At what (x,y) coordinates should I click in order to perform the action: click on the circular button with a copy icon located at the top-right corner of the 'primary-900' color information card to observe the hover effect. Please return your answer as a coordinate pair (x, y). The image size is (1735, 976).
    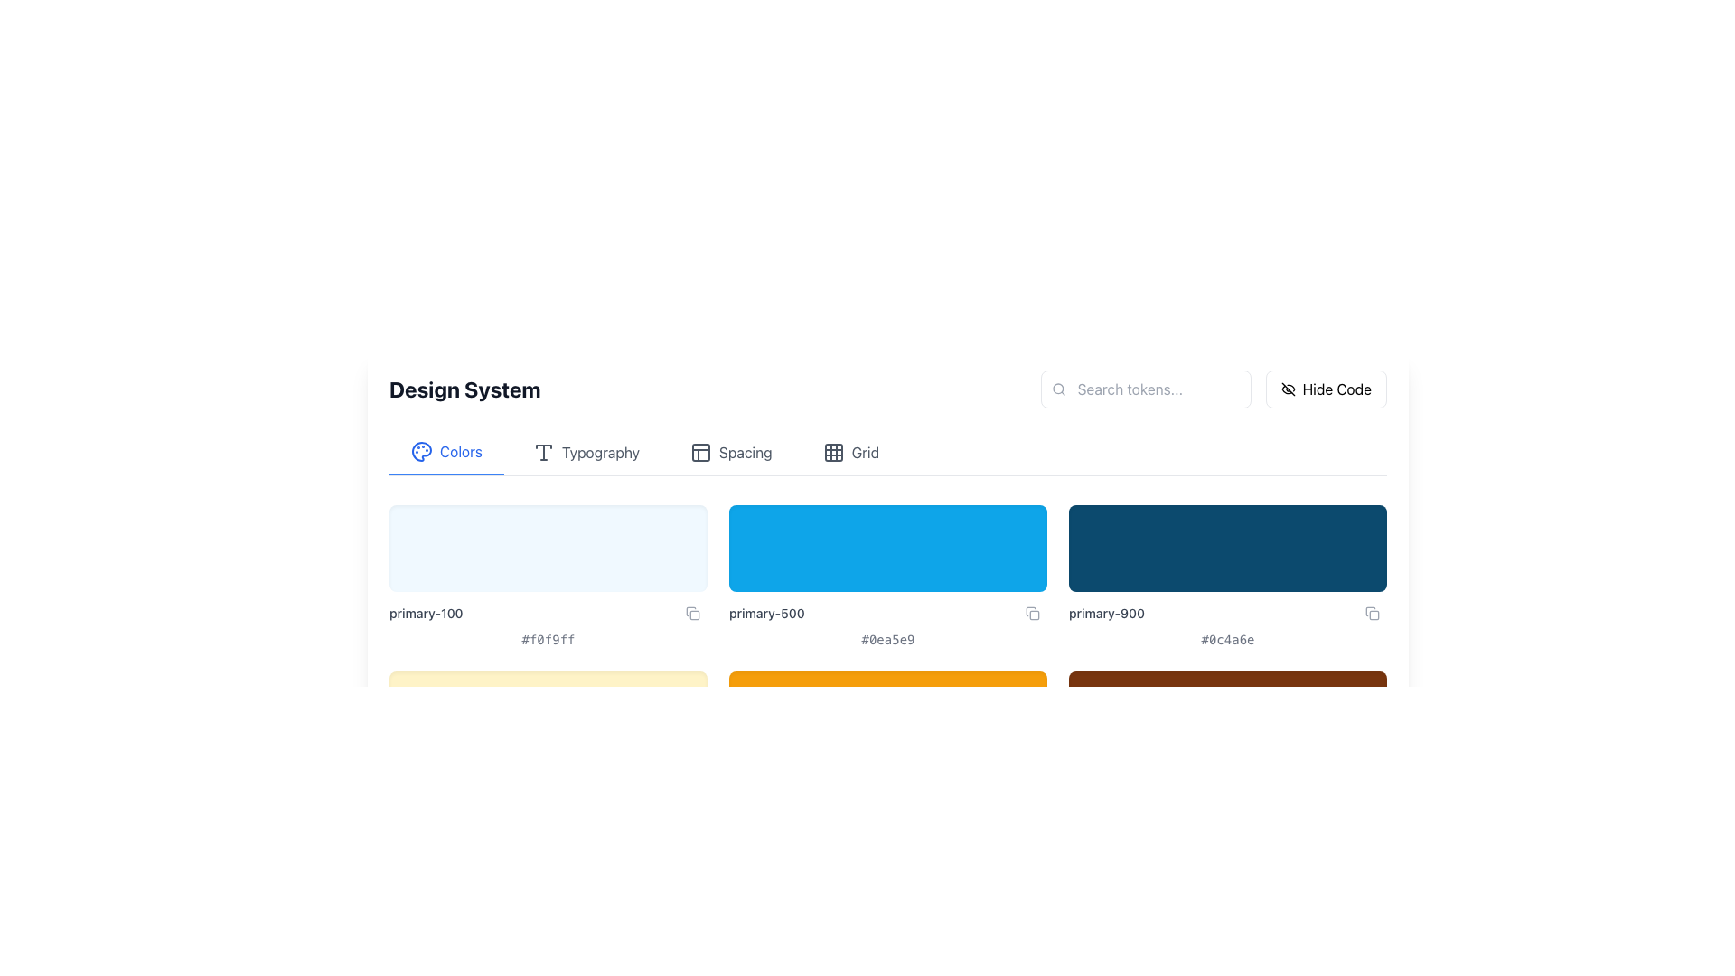
    Looking at the image, I should click on (1372, 612).